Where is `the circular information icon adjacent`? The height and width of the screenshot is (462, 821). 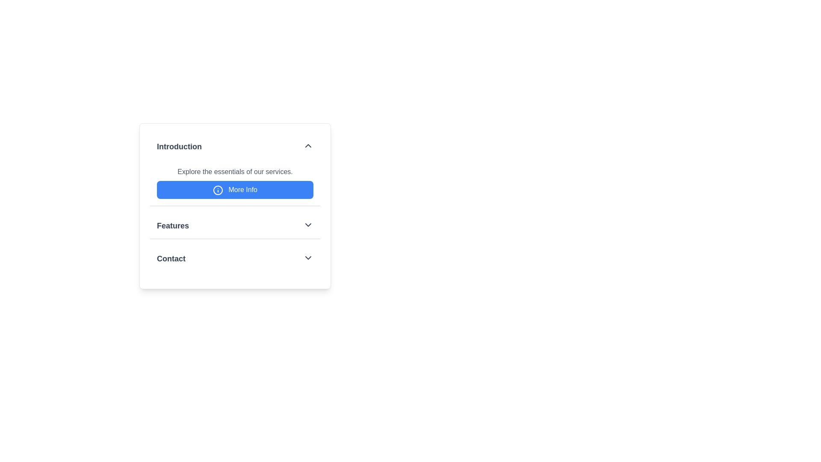
the circular information icon adjacent is located at coordinates (218, 190).